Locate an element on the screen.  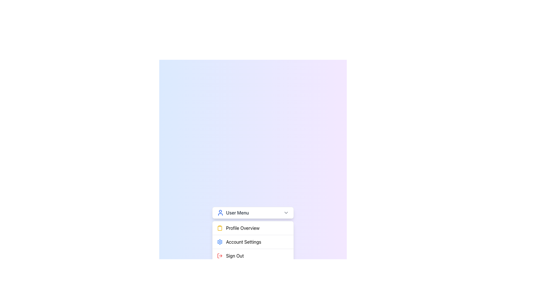
the clipboard icon within the 'Profile Overview' dropdown menu, which is visually represented as an SVG graphic with rounded corners and outlined in yellow, located to the left of the 'Profile Overview' text is located at coordinates (220, 228).